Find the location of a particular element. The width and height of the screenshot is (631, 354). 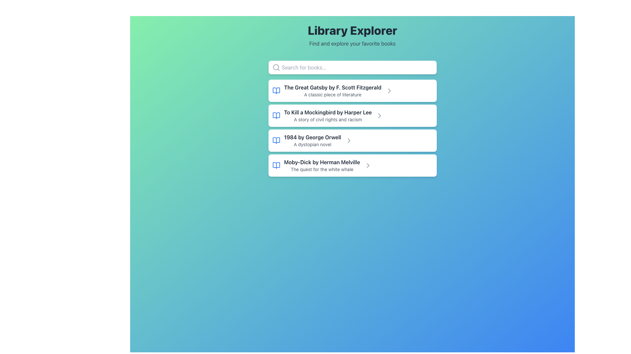

the text block that contains 'The Great Gatsby by F. Scott Fitzgerald' and 'A classic piece of literature', which is centrally located within the main content area of the interface is located at coordinates (333, 91).